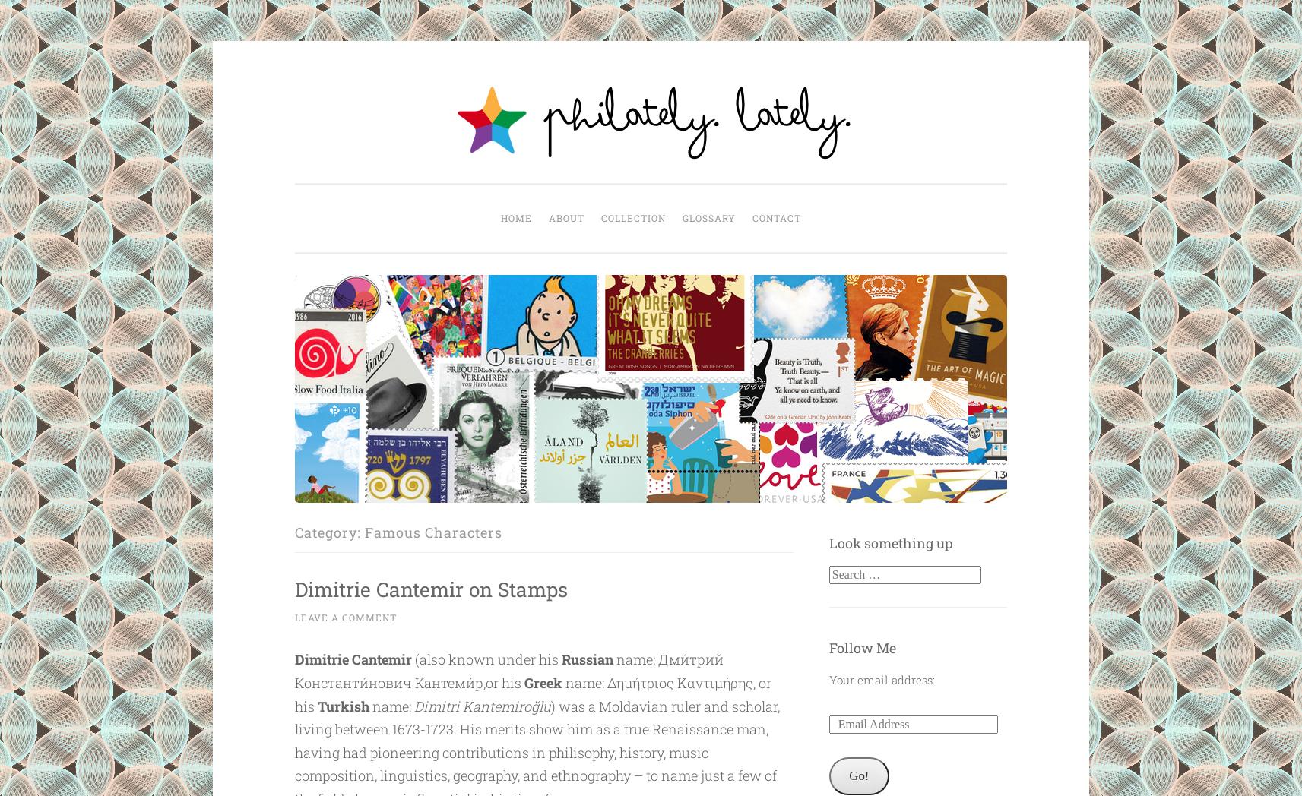 The image size is (1302, 796). What do you see at coordinates (393, 706) in the screenshot?
I see `'name:'` at bounding box center [393, 706].